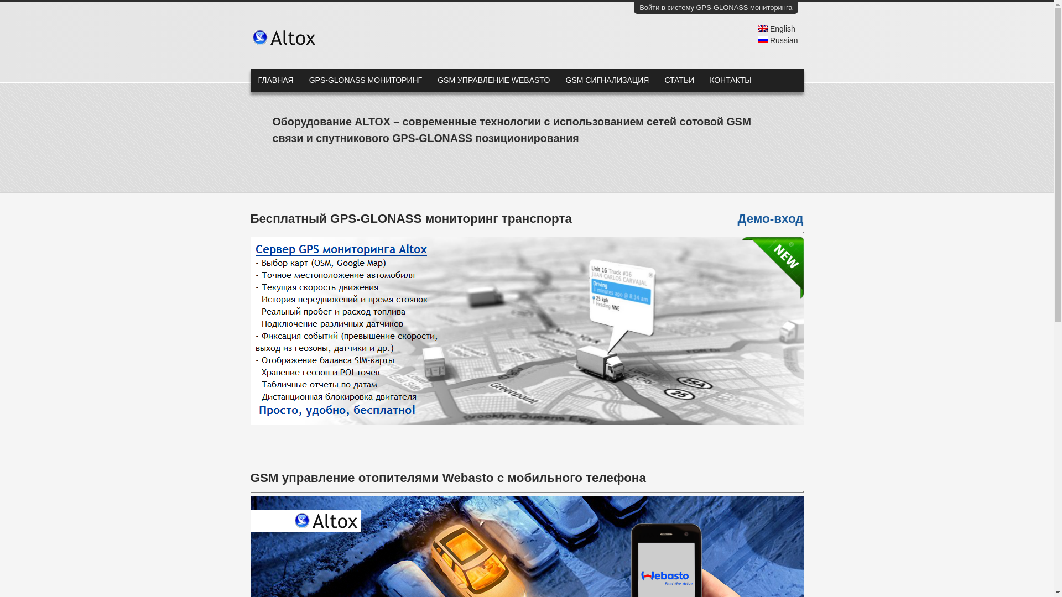  I want to click on ' Russian', so click(777, 40).